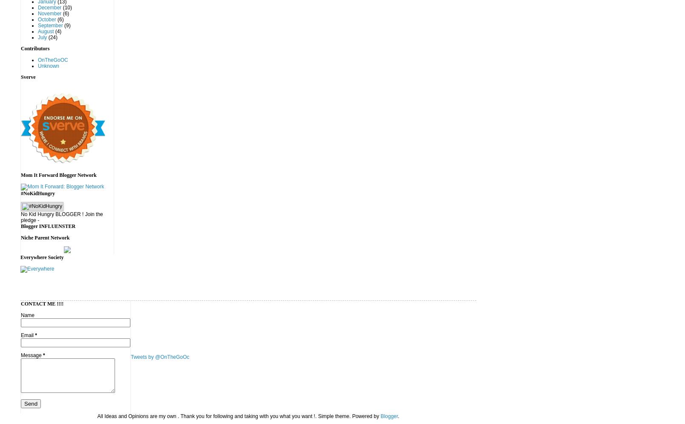 Image resolution: width=685 pixels, height=424 pixels. Describe the element at coordinates (66, 8) in the screenshot. I see `'(10)'` at that location.